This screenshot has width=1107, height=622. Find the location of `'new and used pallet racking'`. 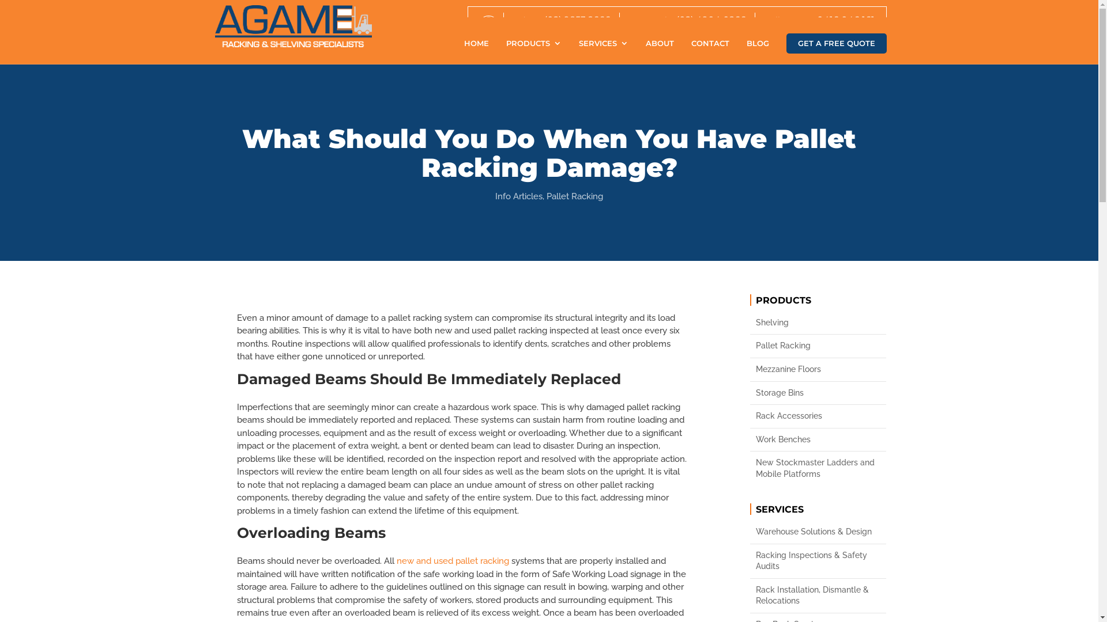

'new and used pallet racking' is located at coordinates (452, 560).